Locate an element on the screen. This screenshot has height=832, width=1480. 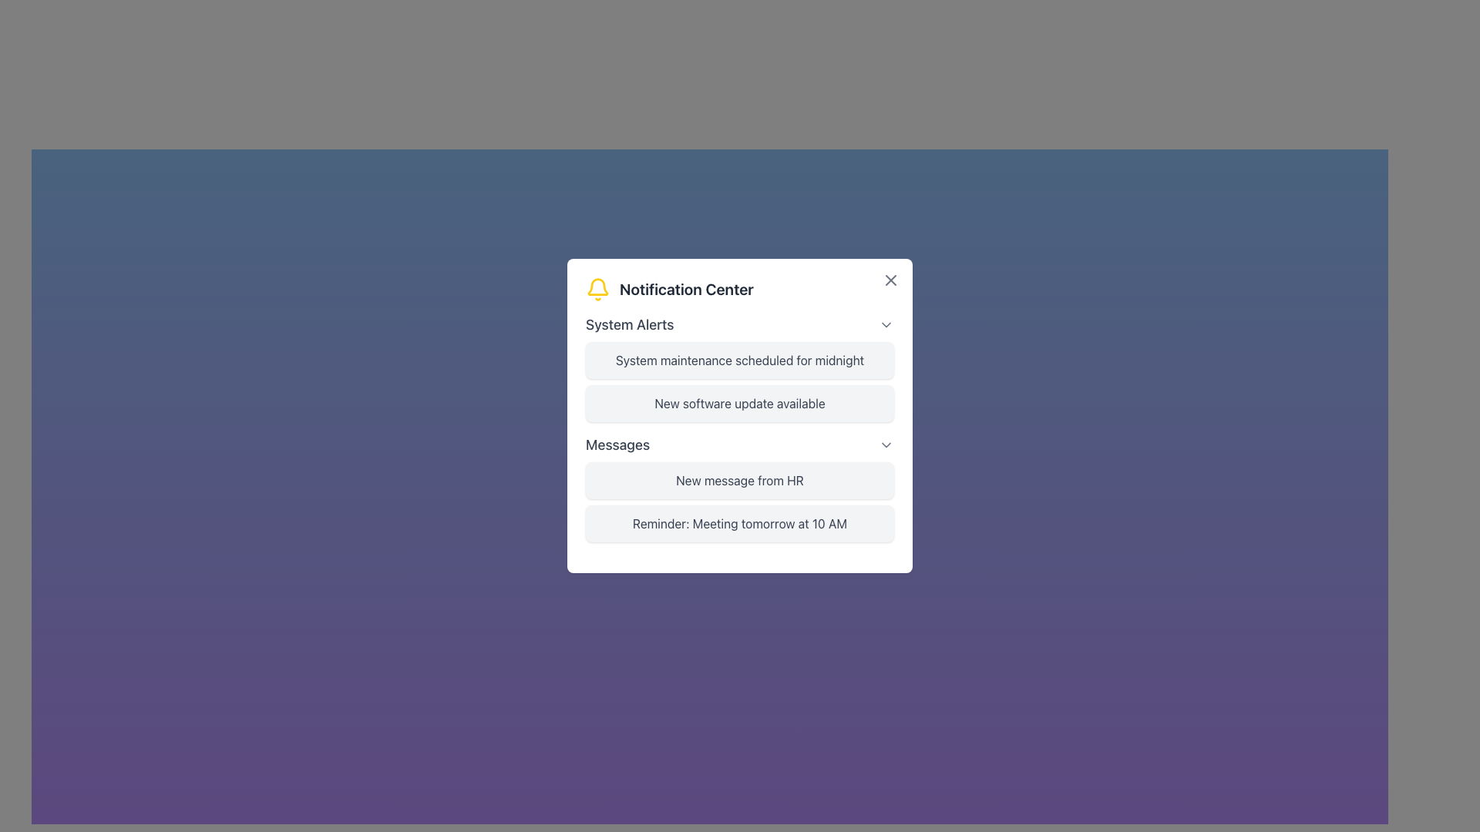
the Notification card displaying 'New message from HR' in the Messages section of the Notification Center is located at coordinates (740, 480).